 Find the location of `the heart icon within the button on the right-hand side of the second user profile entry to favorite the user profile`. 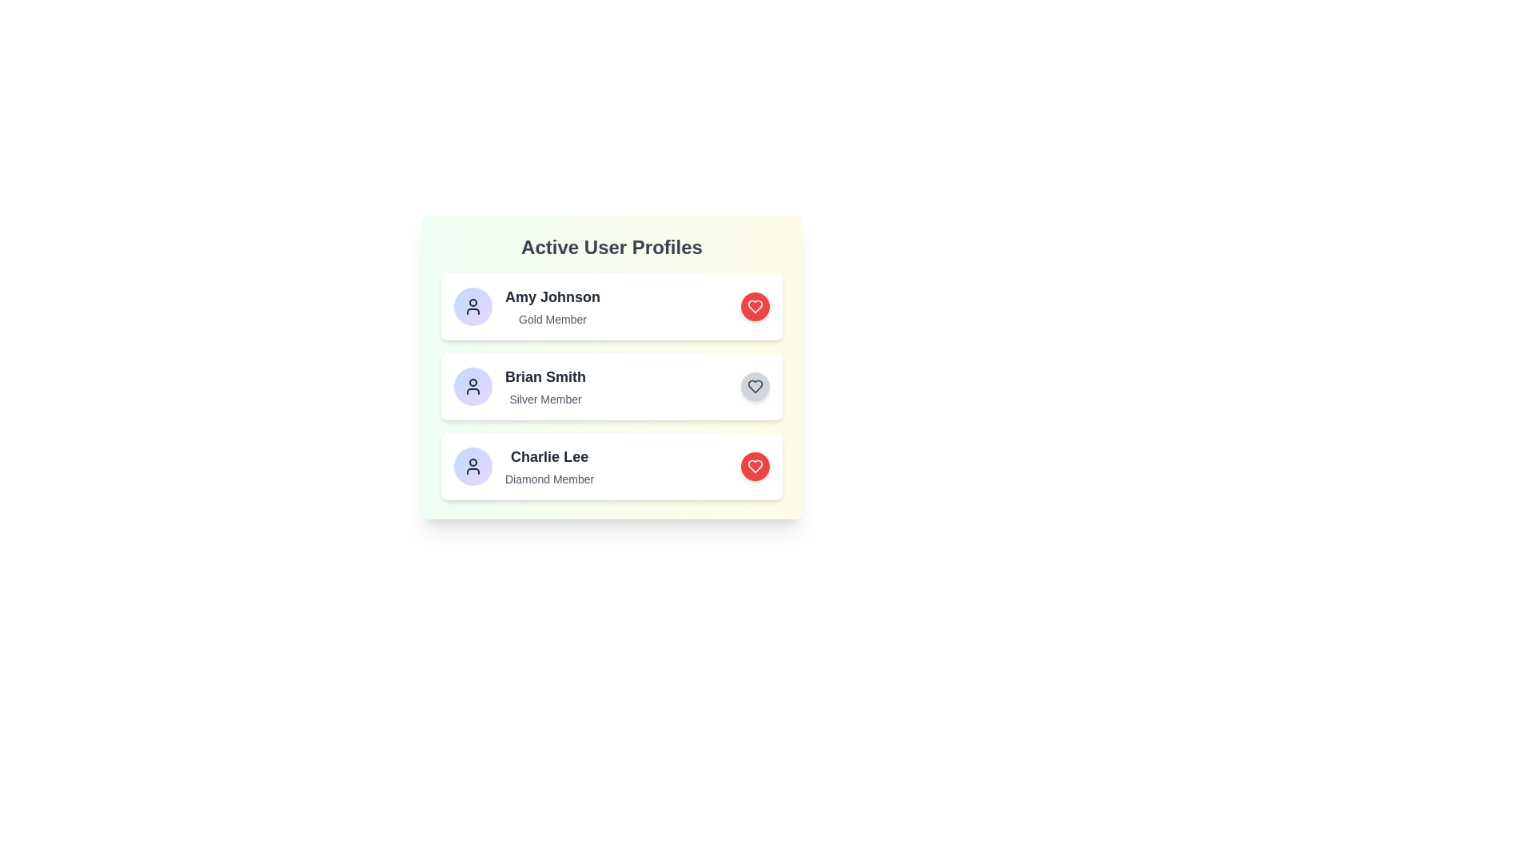

the heart icon within the button on the right-hand side of the second user profile entry to favorite the user profile is located at coordinates (755, 386).